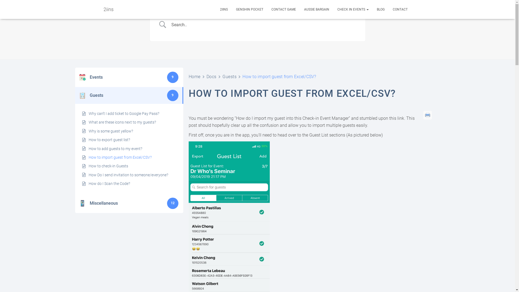 The width and height of the screenshot is (519, 292). I want to click on 'How do I Scan the Code?', so click(109, 183).